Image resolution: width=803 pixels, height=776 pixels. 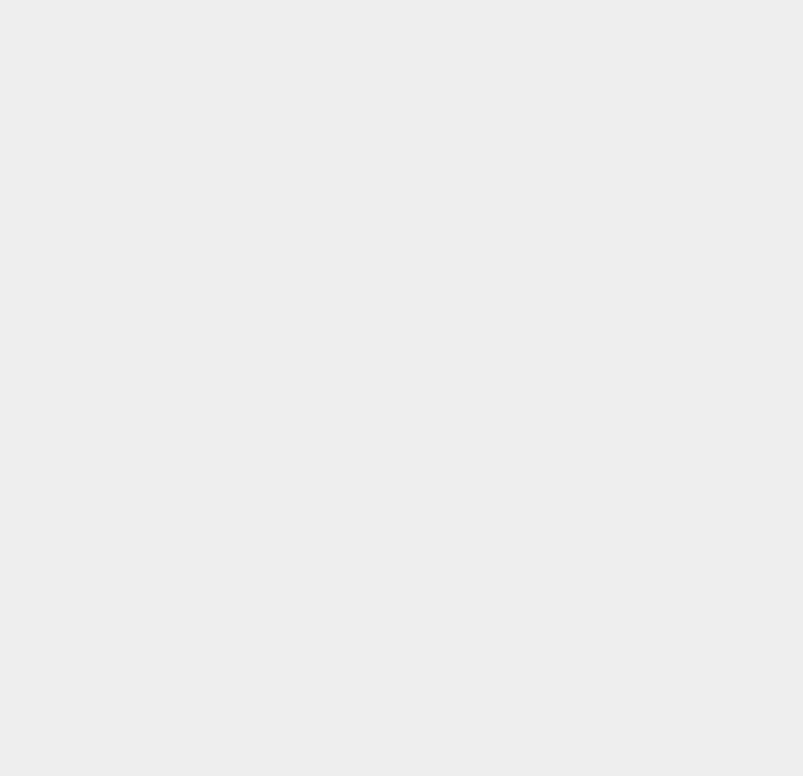 What do you see at coordinates (607, 464) in the screenshot?
I see `'Android PC Suites'` at bounding box center [607, 464].